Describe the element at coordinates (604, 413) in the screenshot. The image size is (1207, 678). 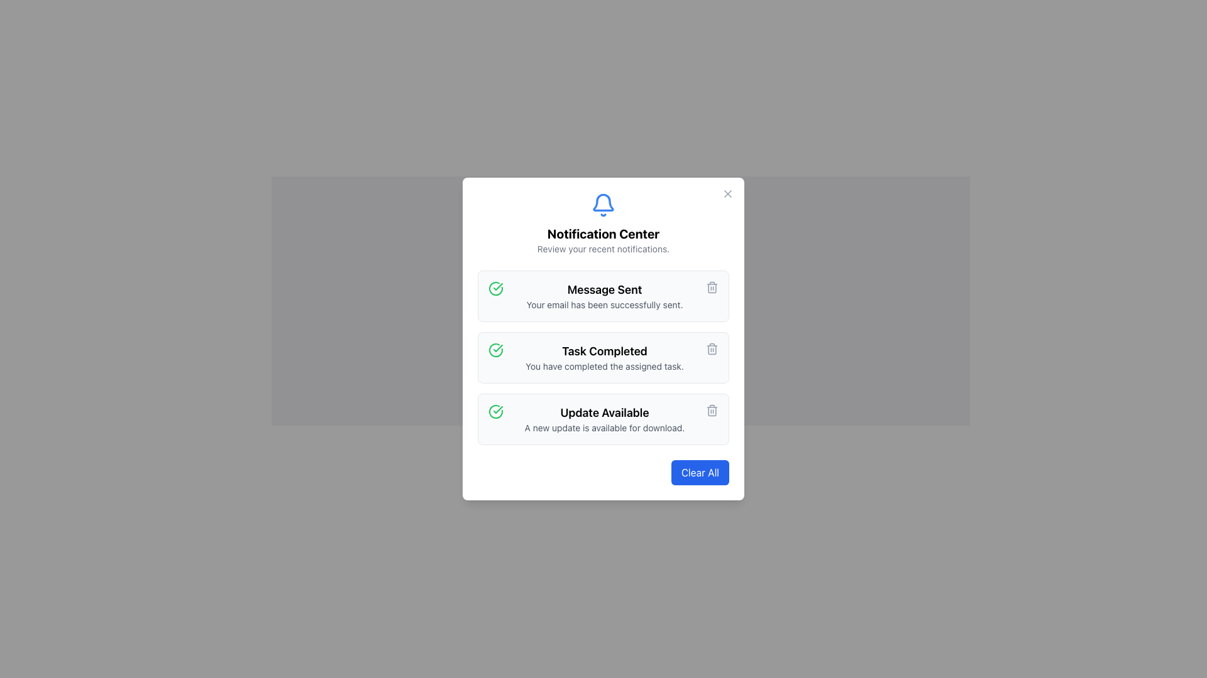
I see `the text label that reads 'Update Available', which is styled in large, bold font and located in the third row of the notification card` at that location.